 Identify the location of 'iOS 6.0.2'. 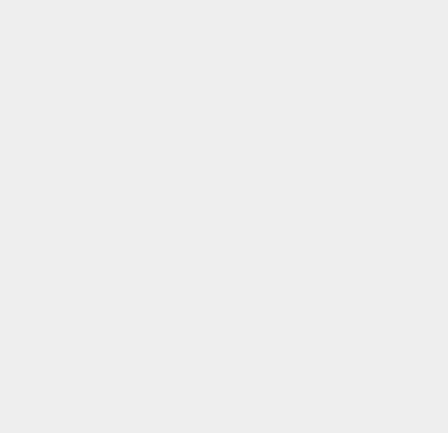
(328, 332).